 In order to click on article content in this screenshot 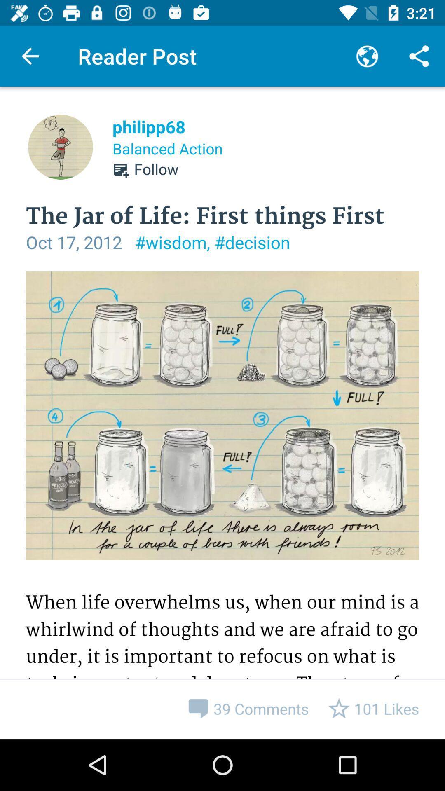, I will do `click(222, 505)`.